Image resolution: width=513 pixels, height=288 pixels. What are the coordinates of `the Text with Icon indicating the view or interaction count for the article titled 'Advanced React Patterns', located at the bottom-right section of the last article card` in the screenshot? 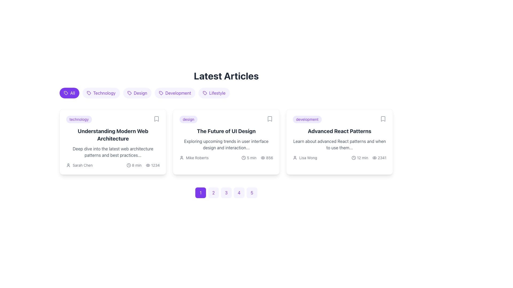 It's located at (379, 157).